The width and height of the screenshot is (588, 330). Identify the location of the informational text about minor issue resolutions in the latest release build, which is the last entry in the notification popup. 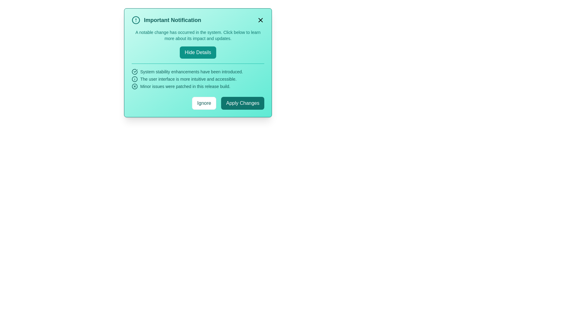
(198, 86).